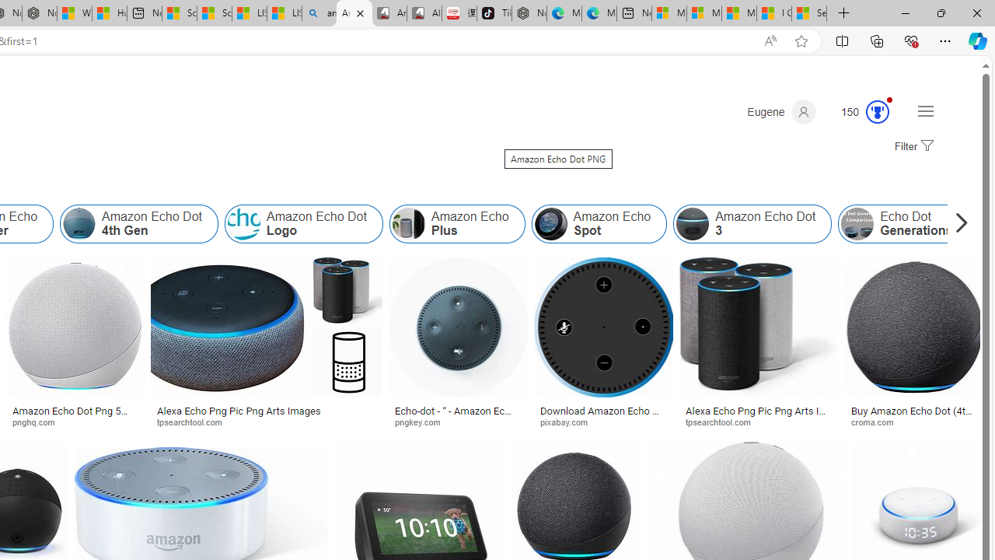  Describe the element at coordinates (267, 410) in the screenshot. I see `'Alexa Echo Png Pic Png Arts Images'` at that location.